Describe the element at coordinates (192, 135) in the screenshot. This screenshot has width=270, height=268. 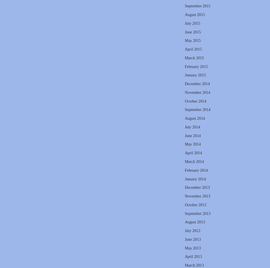
I see `'June 2014'` at that location.